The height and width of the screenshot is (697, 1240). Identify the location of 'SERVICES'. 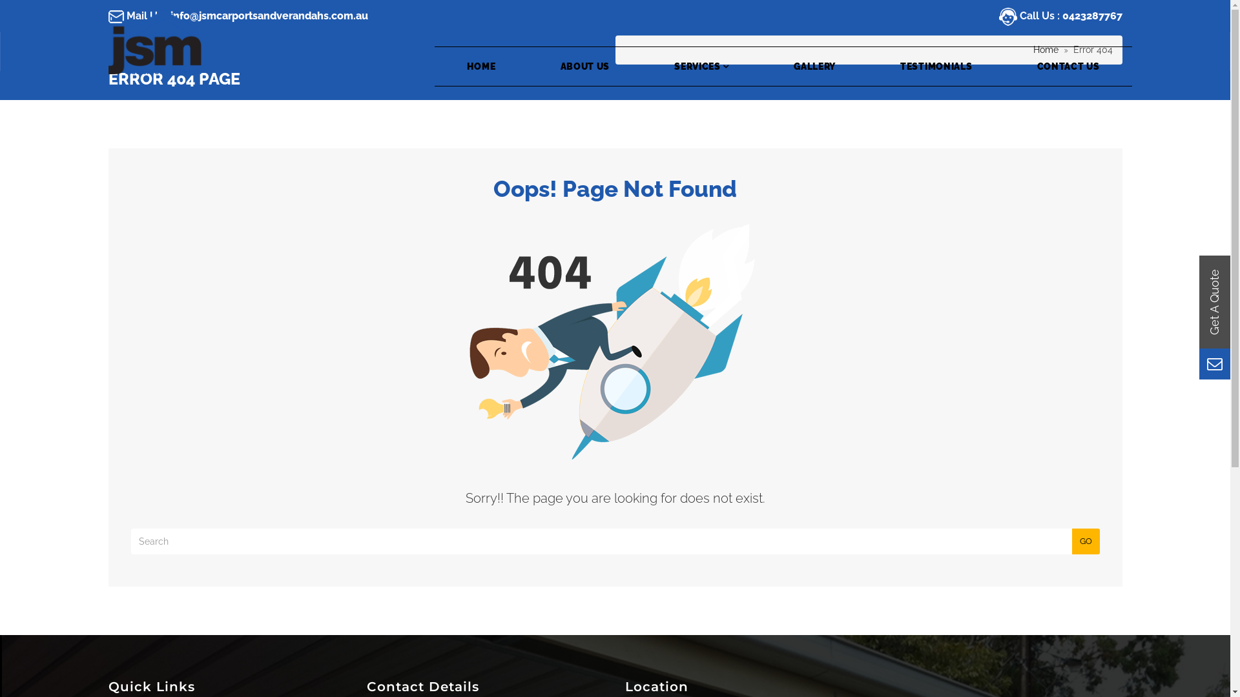
(701, 66).